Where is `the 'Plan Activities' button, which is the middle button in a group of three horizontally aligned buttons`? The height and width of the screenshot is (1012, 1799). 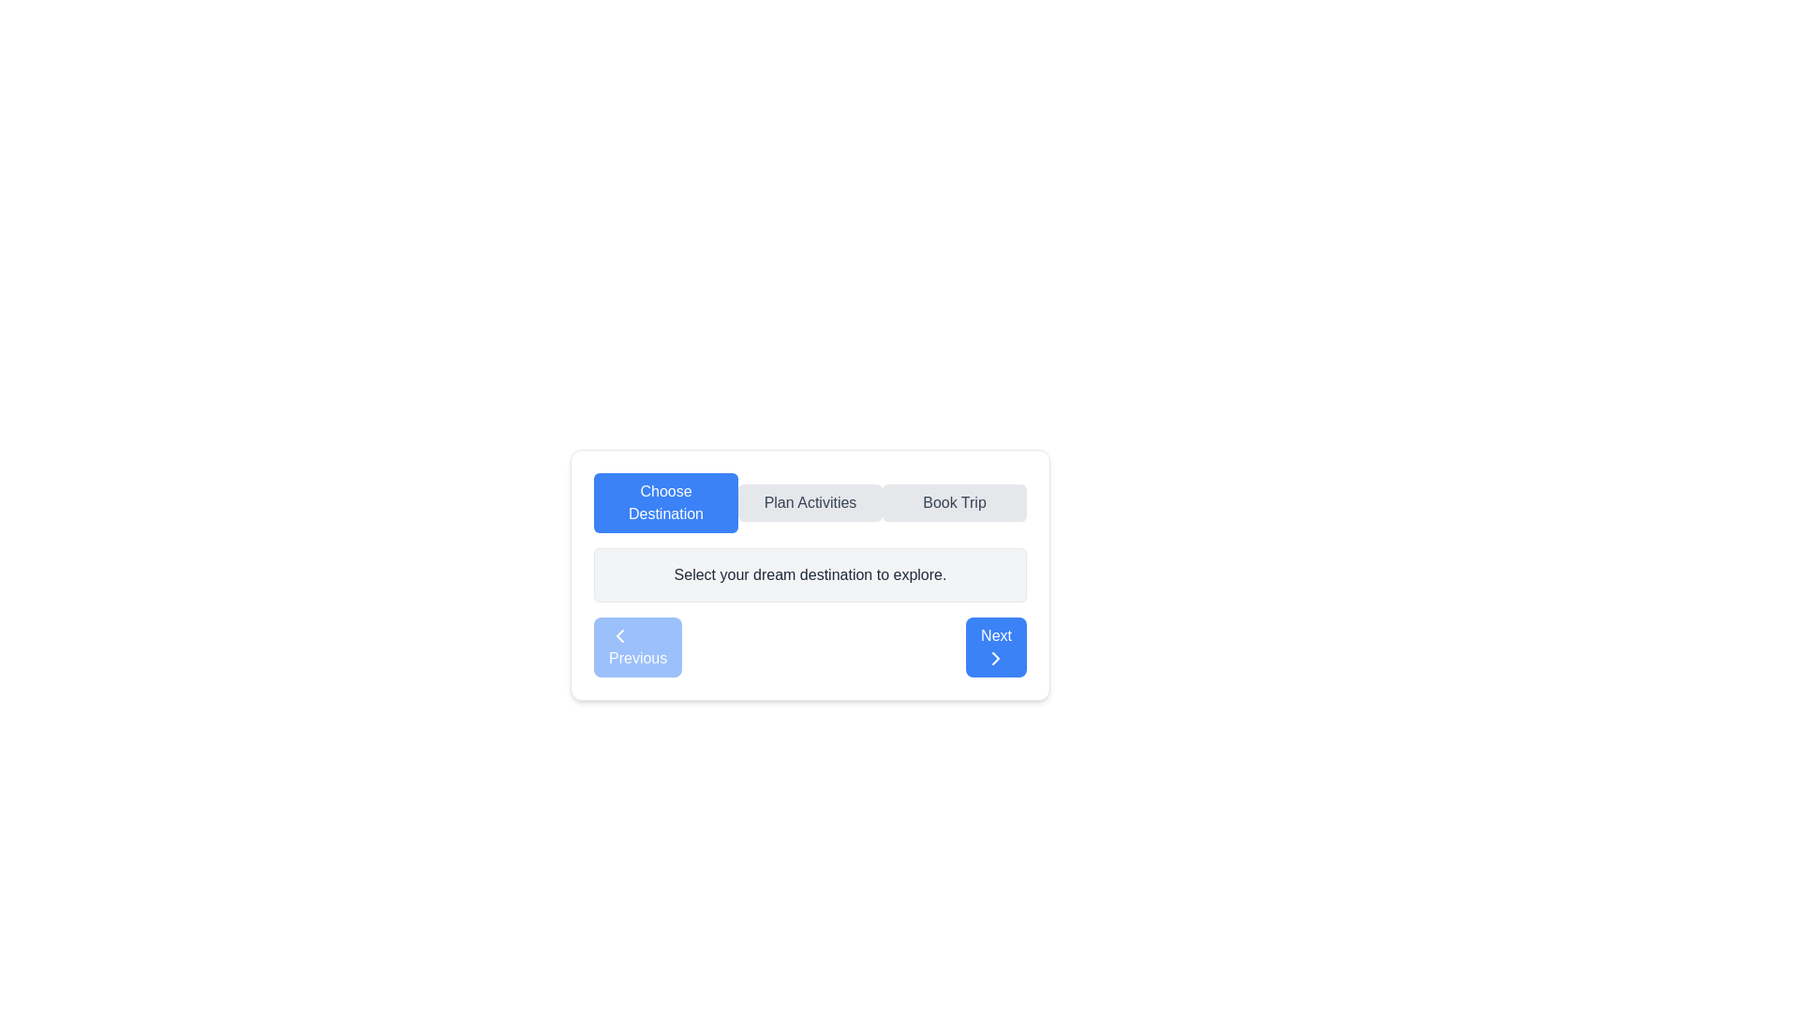
the 'Plan Activities' button, which is the middle button in a group of three horizontally aligned buttons is located at coordinates (810, 501).